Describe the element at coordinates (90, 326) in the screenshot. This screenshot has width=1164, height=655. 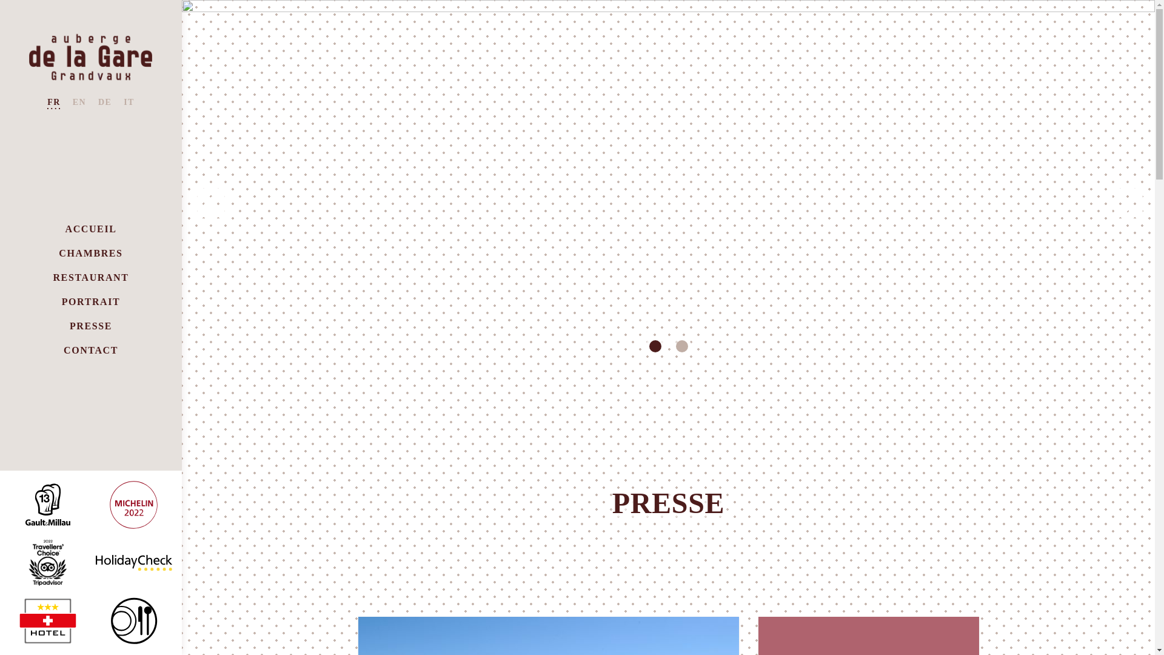
I see `'PRESSE'` at that location.